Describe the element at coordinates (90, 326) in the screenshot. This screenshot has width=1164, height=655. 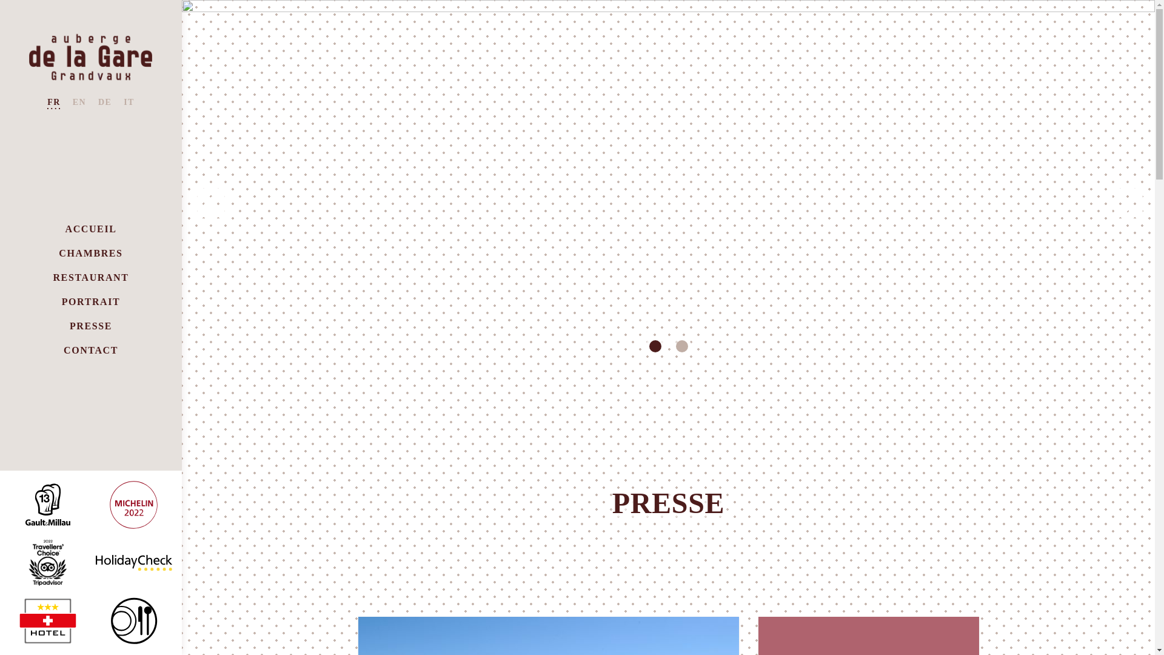
I see `'PRESSE'` at that location.